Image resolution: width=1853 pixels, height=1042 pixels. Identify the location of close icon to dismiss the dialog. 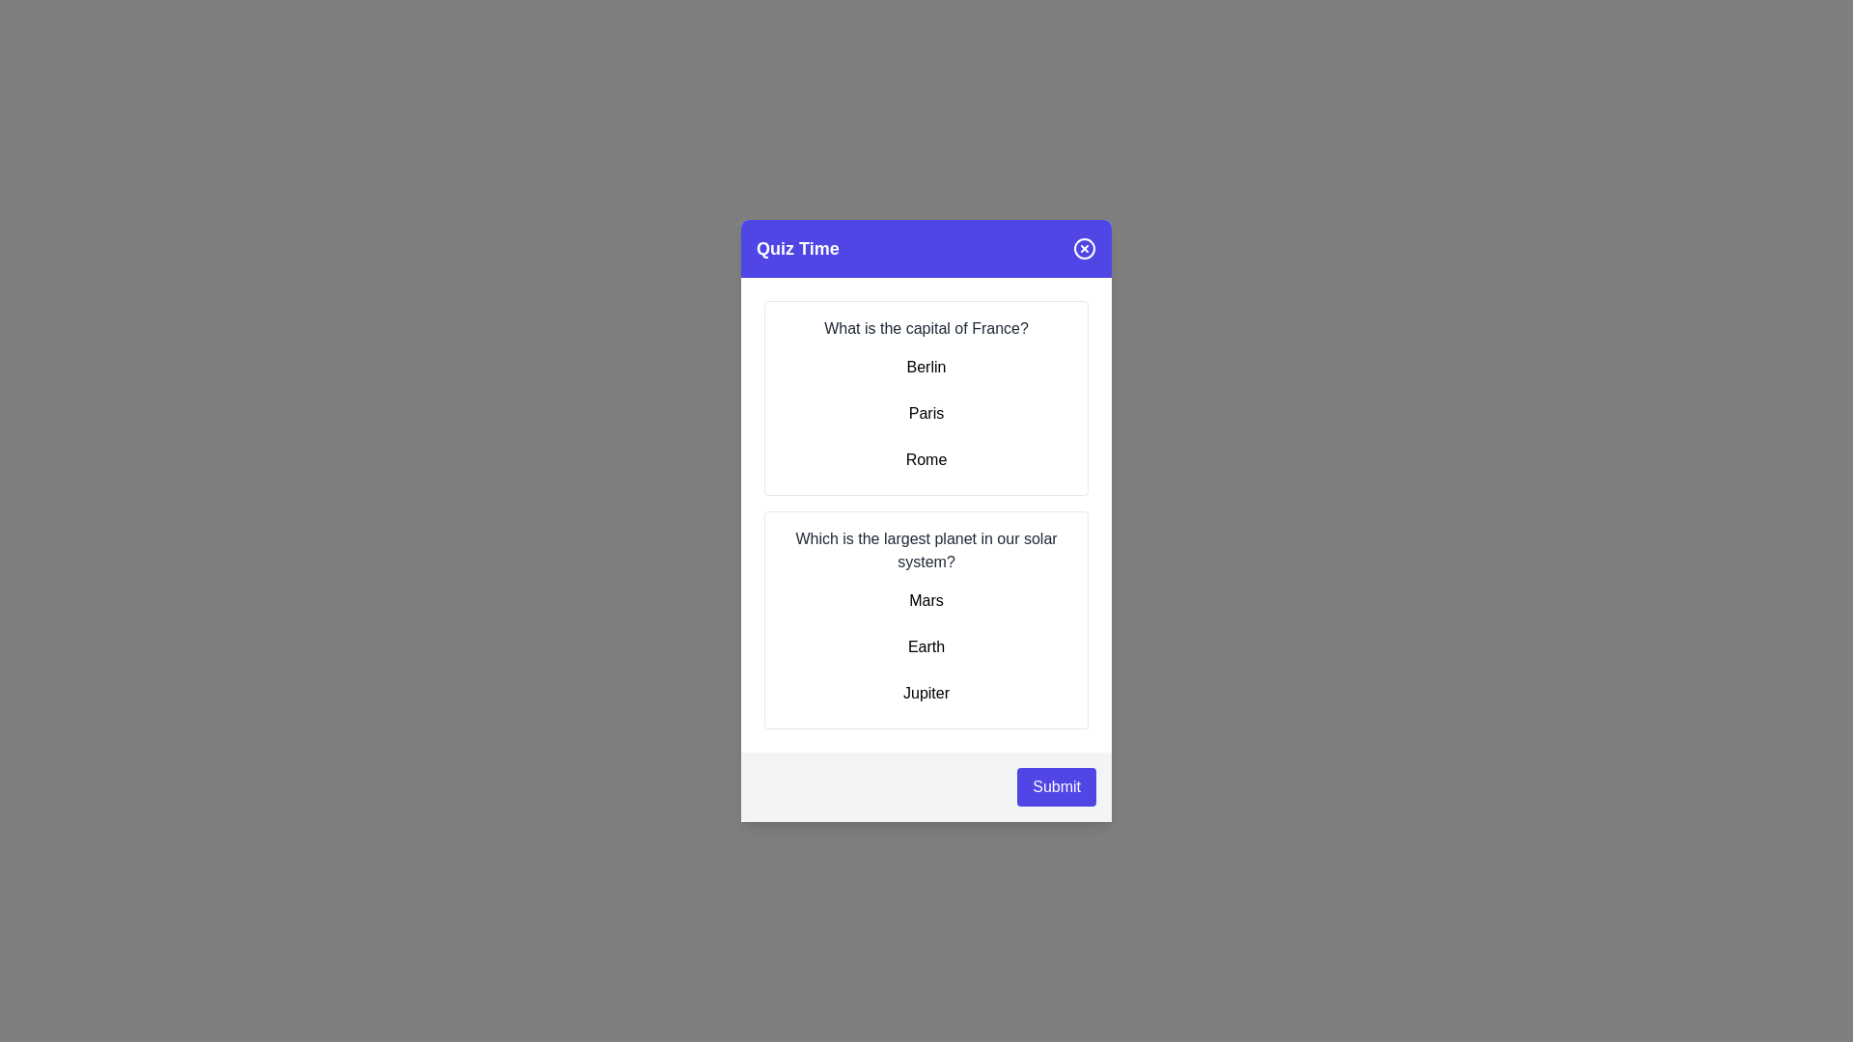
(1084, 248).